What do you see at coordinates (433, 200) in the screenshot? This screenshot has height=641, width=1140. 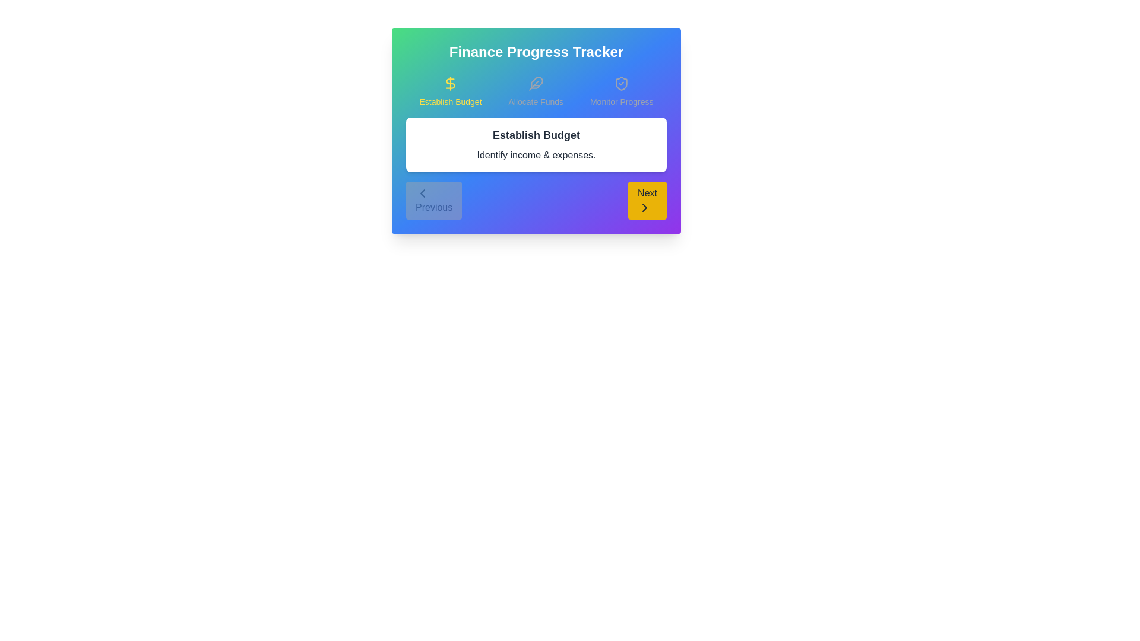 I see `the button labeled 'Previous' to observe its hover effect` at bounding box center [433, 200].